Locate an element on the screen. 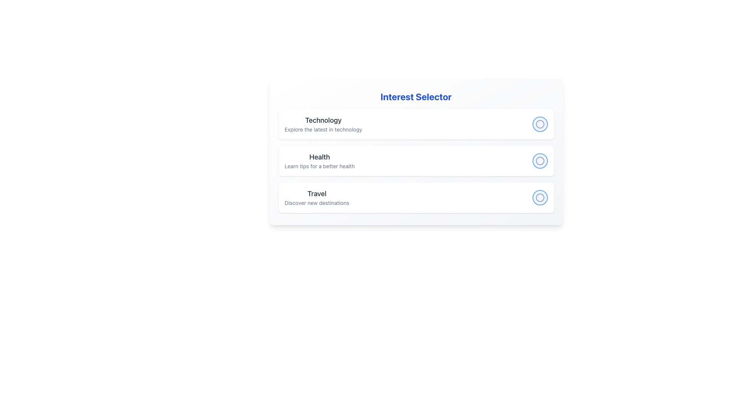 The height and width of the screenshot is (413, 734). the circular indicator button with a smooth gray border, located to the right of the 'Health' item in a vertical list is located at coordinates (539, 160).